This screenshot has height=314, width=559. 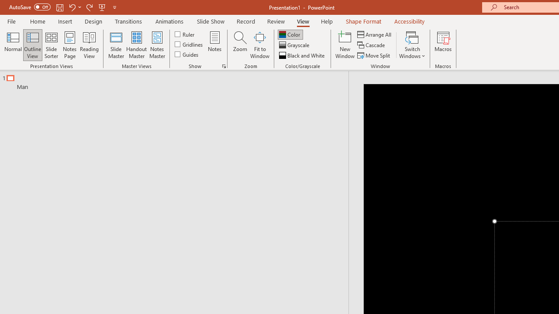 What do you see at coordinates (290, 34) in the screenshot?
I see `'Color'` at bounding box center [290, 34].